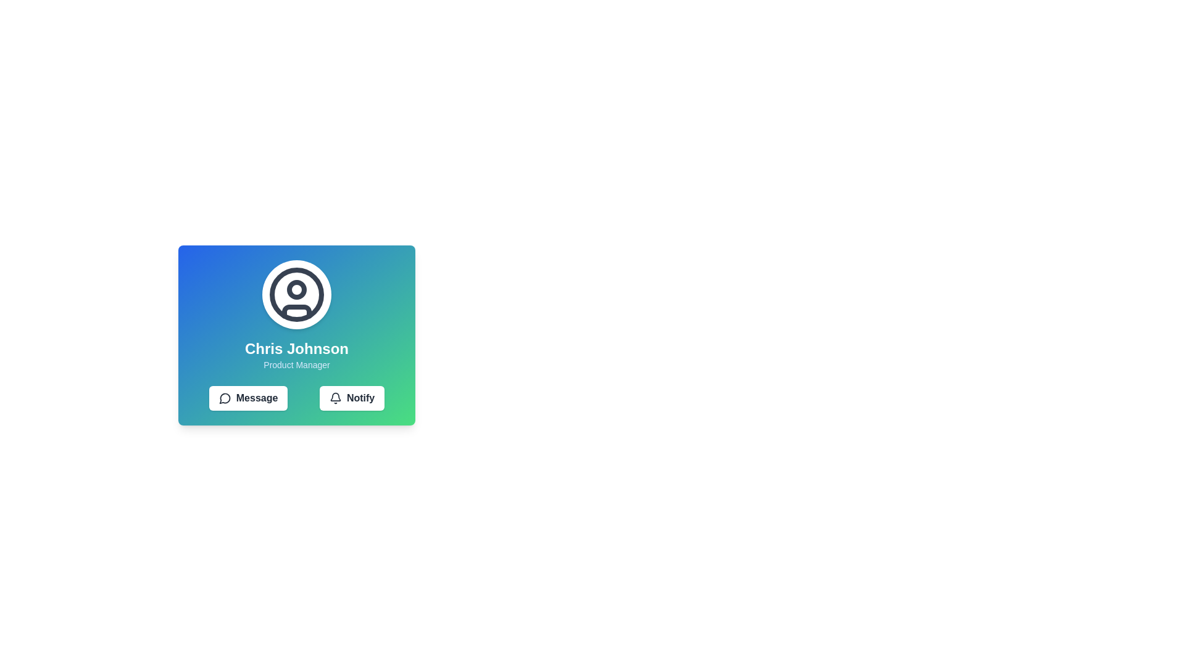 This screenshot has height=666, width=1185. I want to click on the 'Message' button located below the profile card of 'Chris Johnson', which is the first button in a horizontally aligned group, so click(247, 398).